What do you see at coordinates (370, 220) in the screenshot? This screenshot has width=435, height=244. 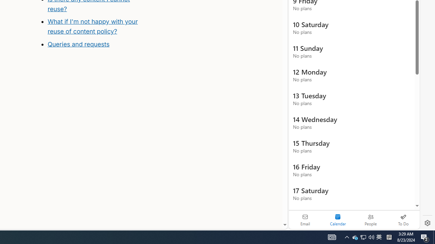 I see `'People'` at bounding box center [370, 220].